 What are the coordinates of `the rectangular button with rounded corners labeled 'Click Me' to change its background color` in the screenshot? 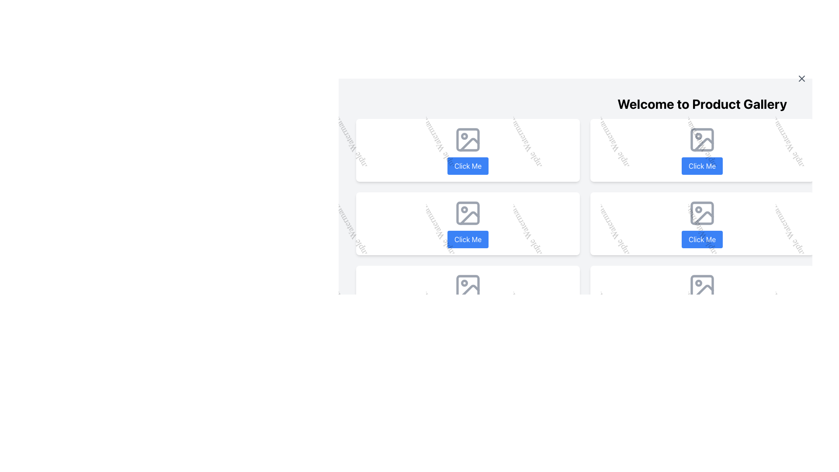 It's located at (702, 166).